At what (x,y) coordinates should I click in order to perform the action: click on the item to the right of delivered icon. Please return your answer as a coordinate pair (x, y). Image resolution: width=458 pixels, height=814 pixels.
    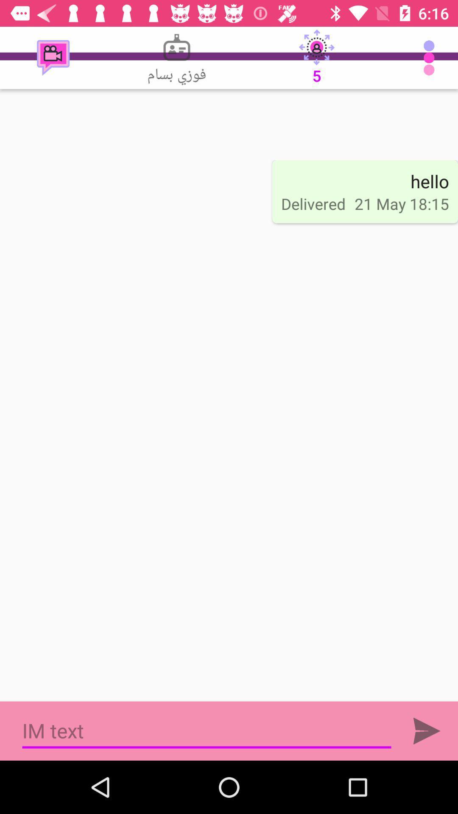
    Looking at the image, I should click on (430, 181).